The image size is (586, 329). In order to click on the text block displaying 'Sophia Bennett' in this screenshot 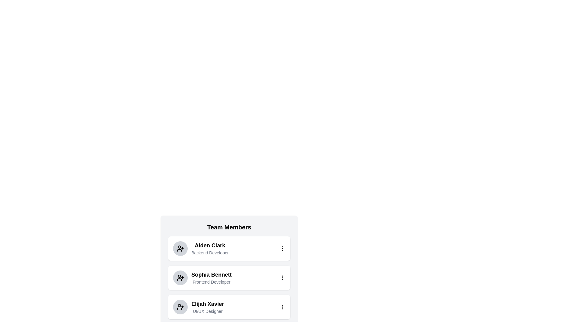, I will do `click(202, 278)`.